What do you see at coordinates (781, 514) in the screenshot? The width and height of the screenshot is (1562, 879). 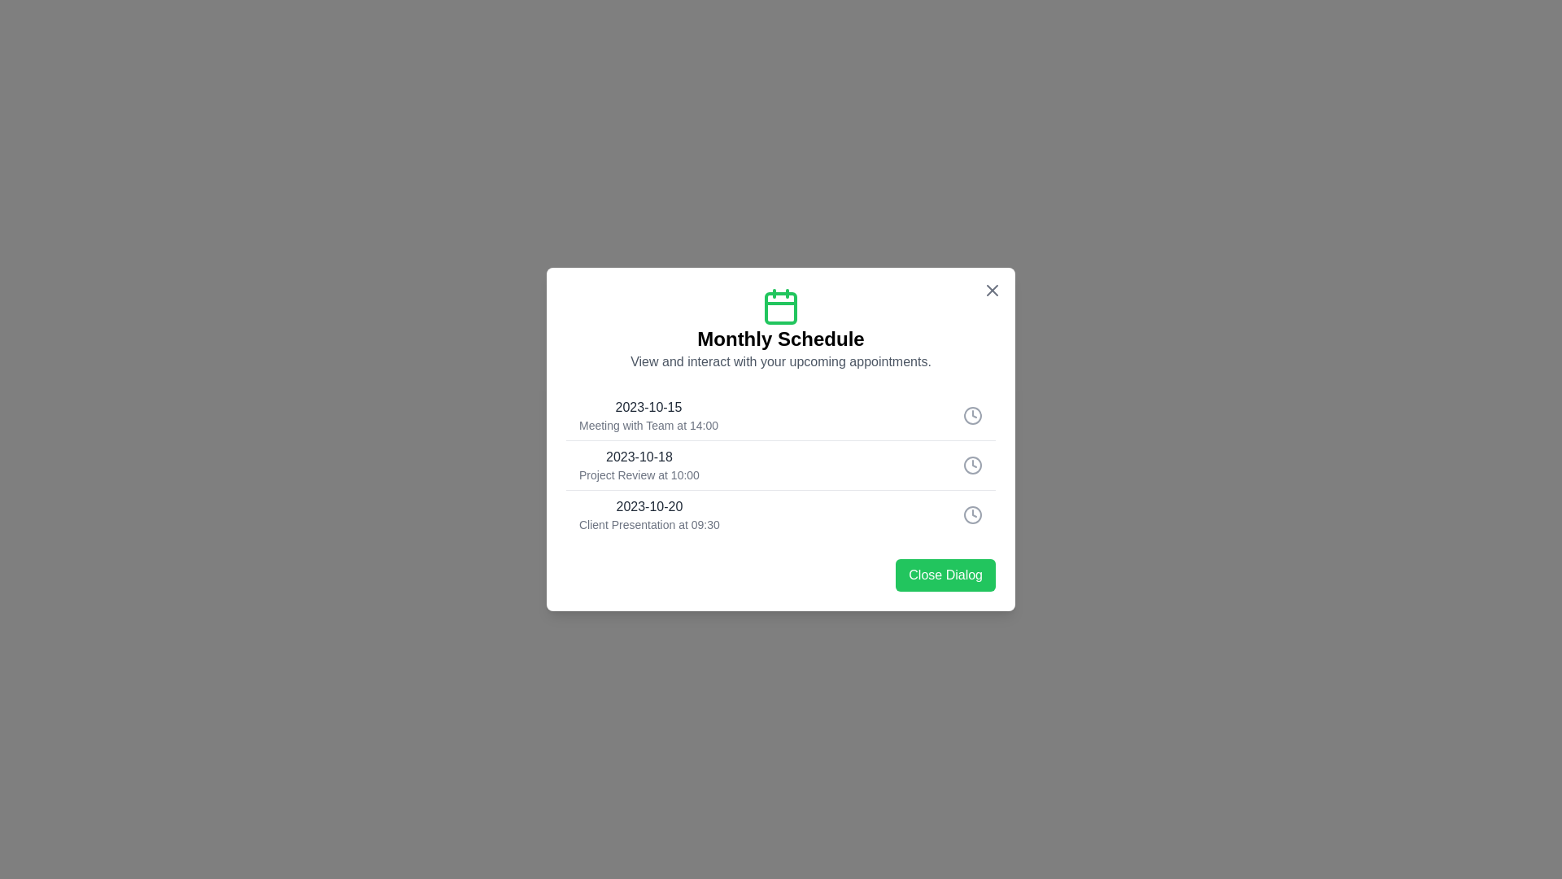 I see `the event corresponding to 2023-10-20 to highlight it` at bounding box center [781, 514].